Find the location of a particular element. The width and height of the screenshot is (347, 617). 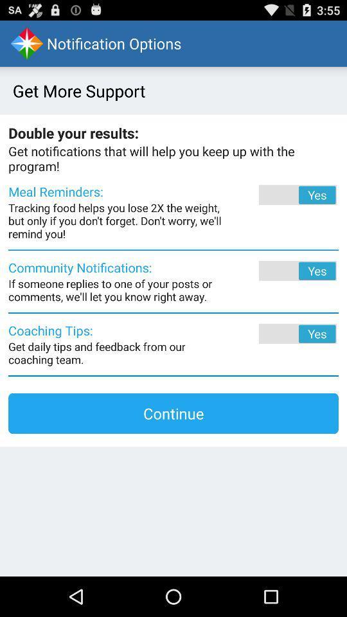

community notifications is located at coordinates (280, 271).